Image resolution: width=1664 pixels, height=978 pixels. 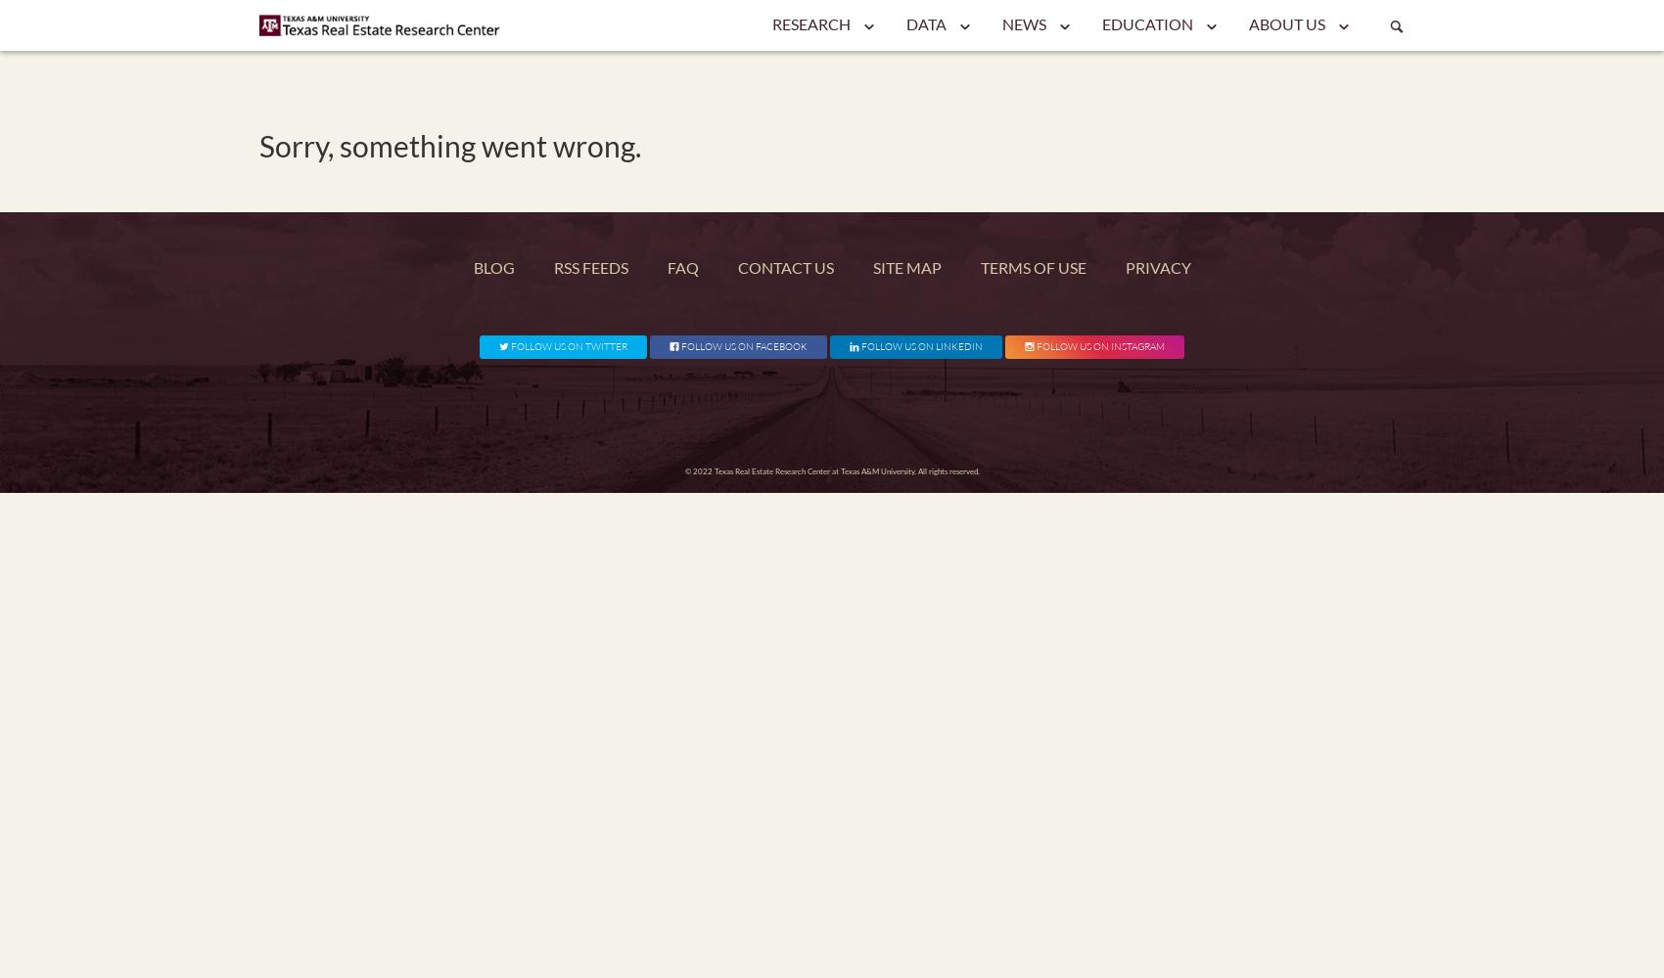 I want to click on 'Privacy', so click(x=1156, y=267).